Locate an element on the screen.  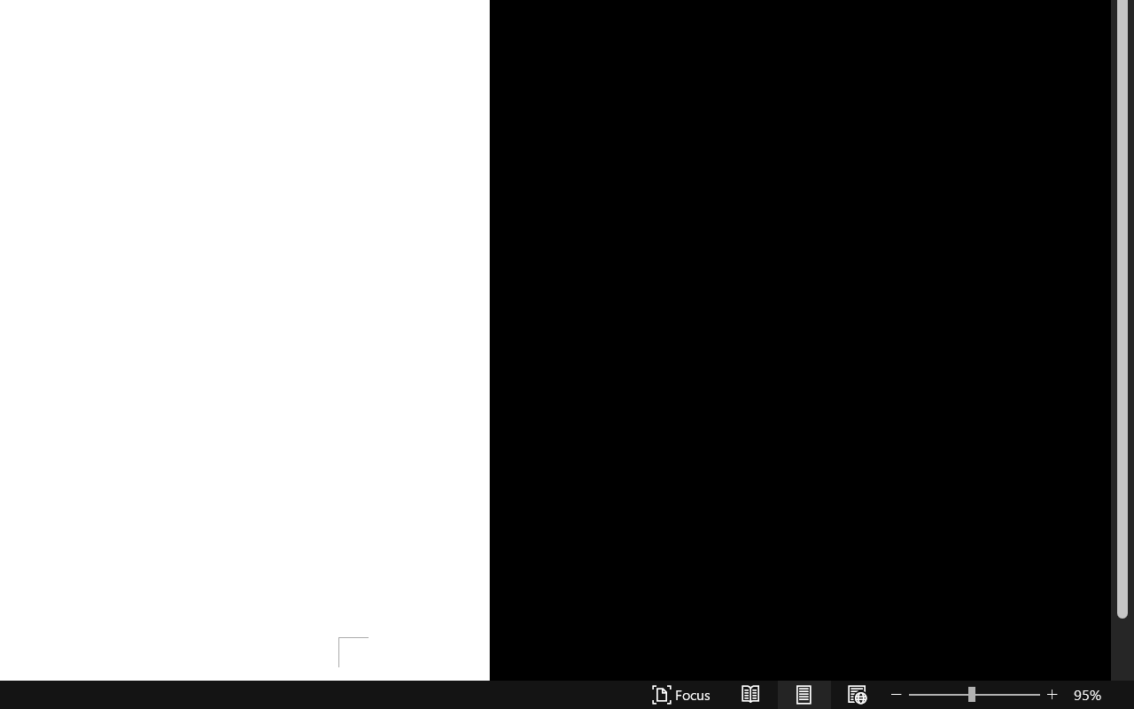
'Page down' is located at coordinates (1122, 651).